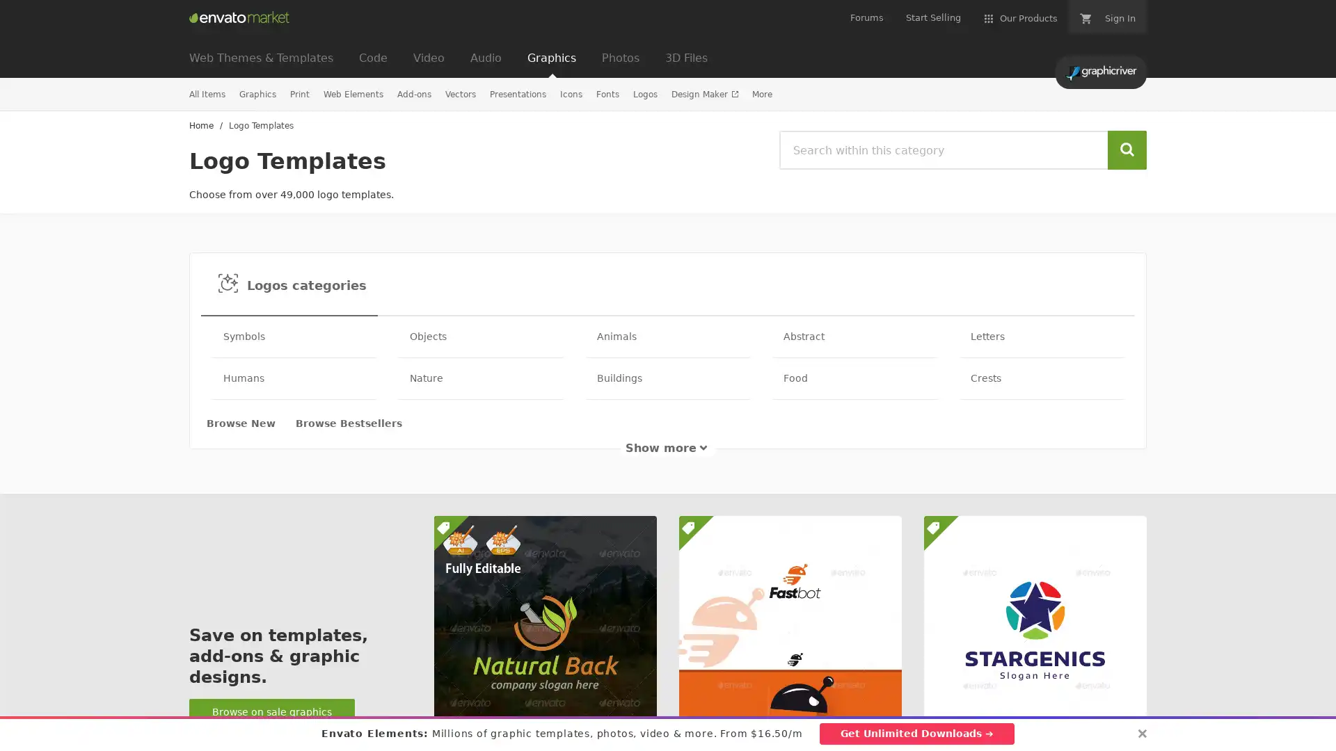 The image size is (1336, 751). I want to click on Add to collection, so click(601, 718).